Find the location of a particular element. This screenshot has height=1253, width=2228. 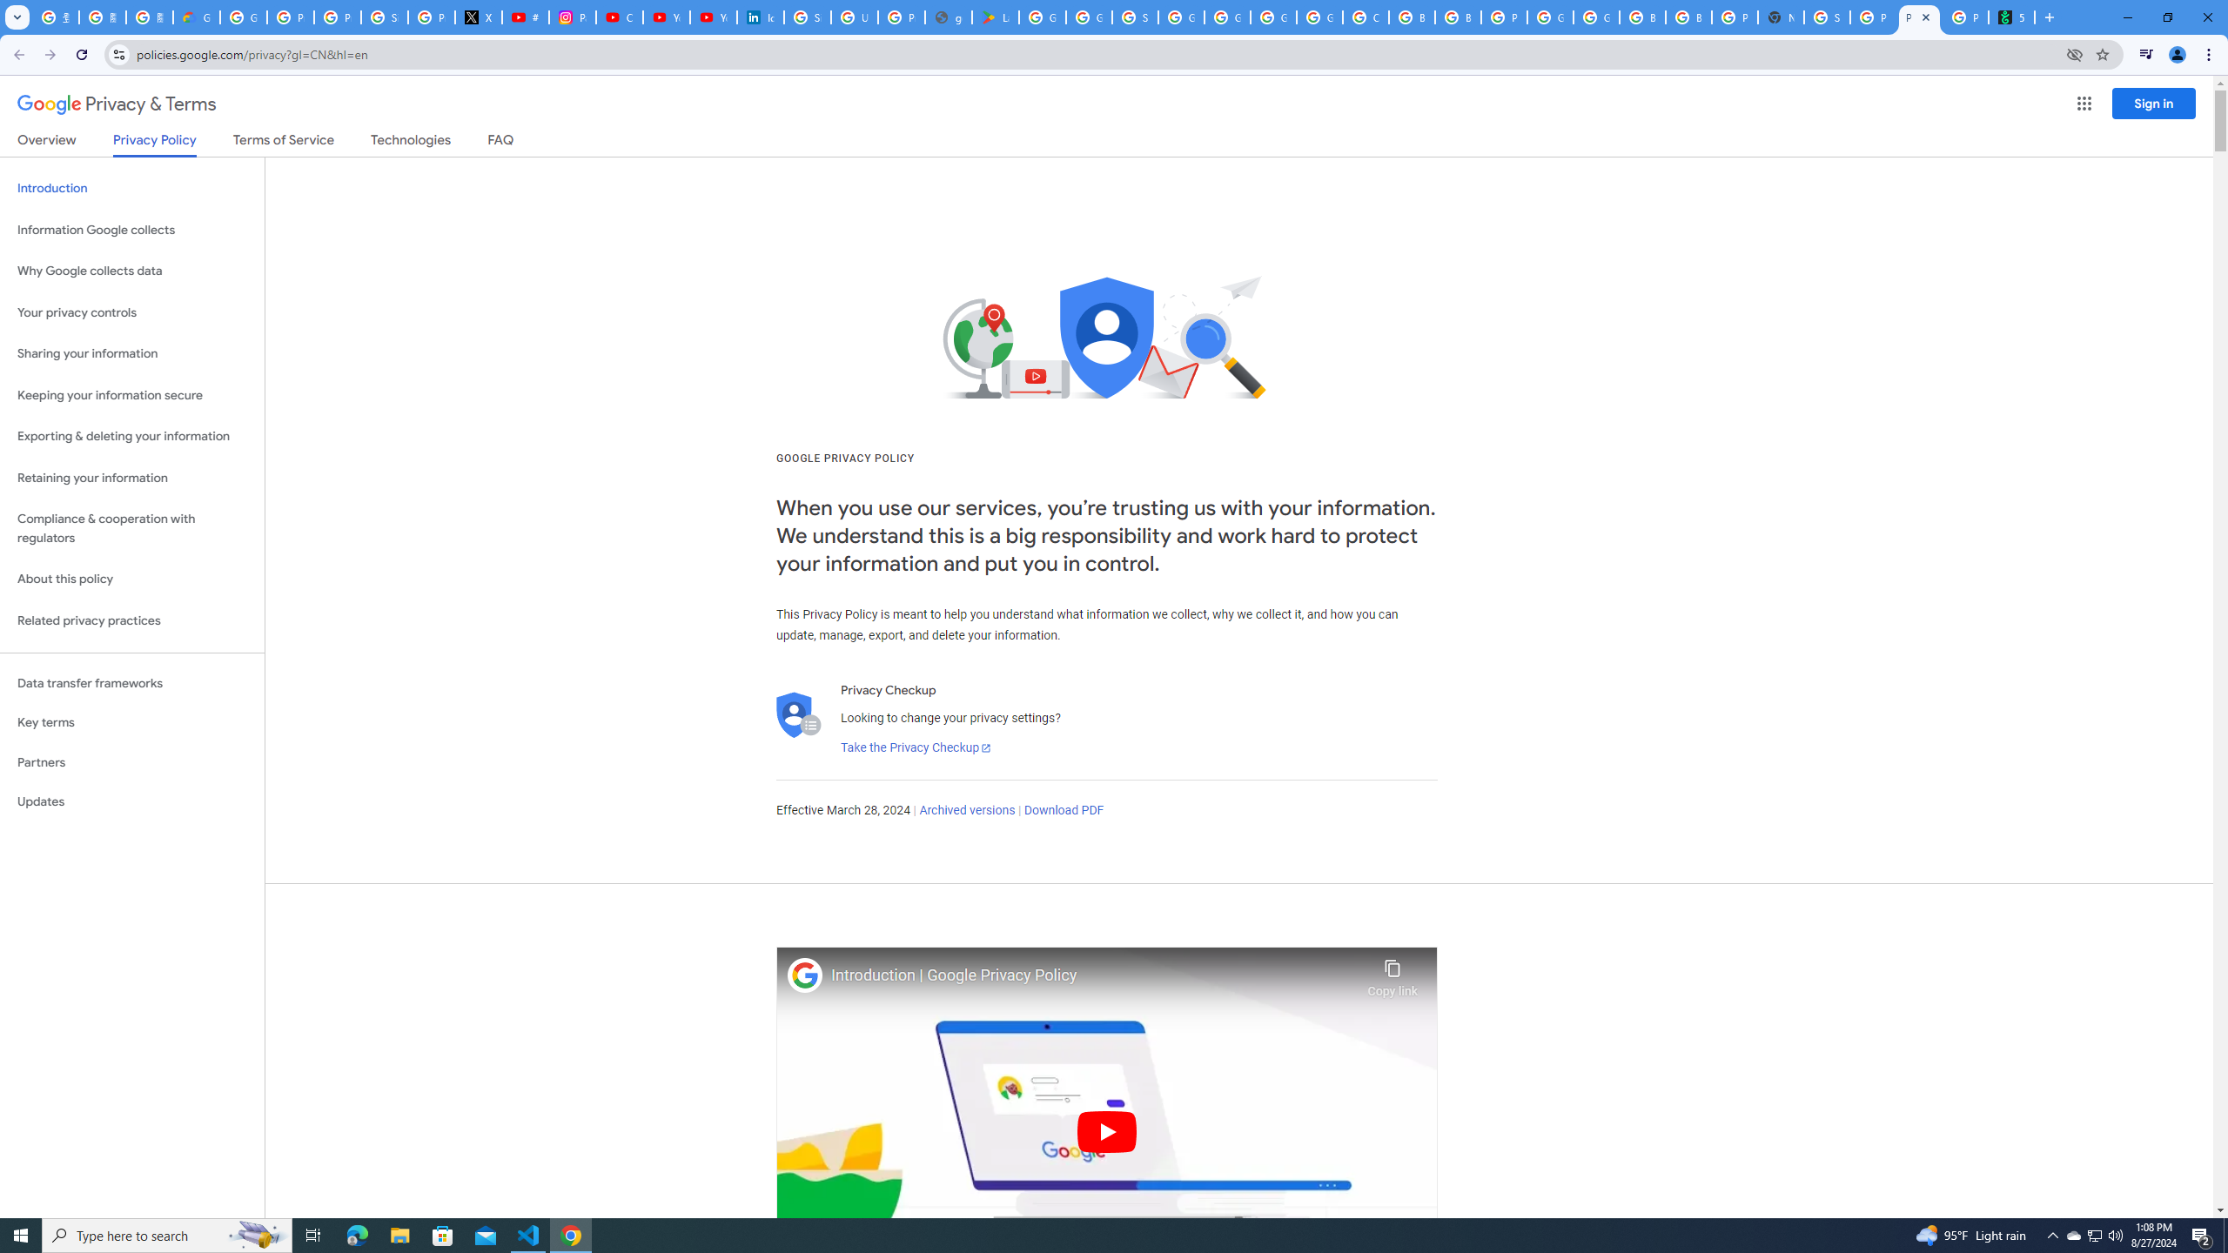

'Google Cloud Platform' is located at coordinates (1596, 17).